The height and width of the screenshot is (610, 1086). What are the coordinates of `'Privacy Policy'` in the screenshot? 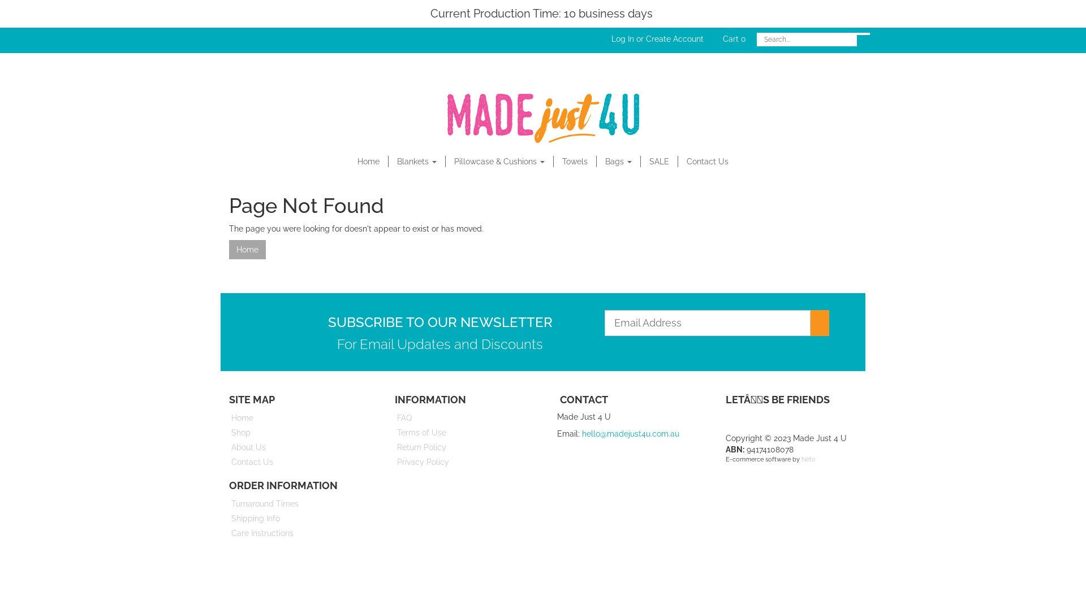 It's located at (464, 461).